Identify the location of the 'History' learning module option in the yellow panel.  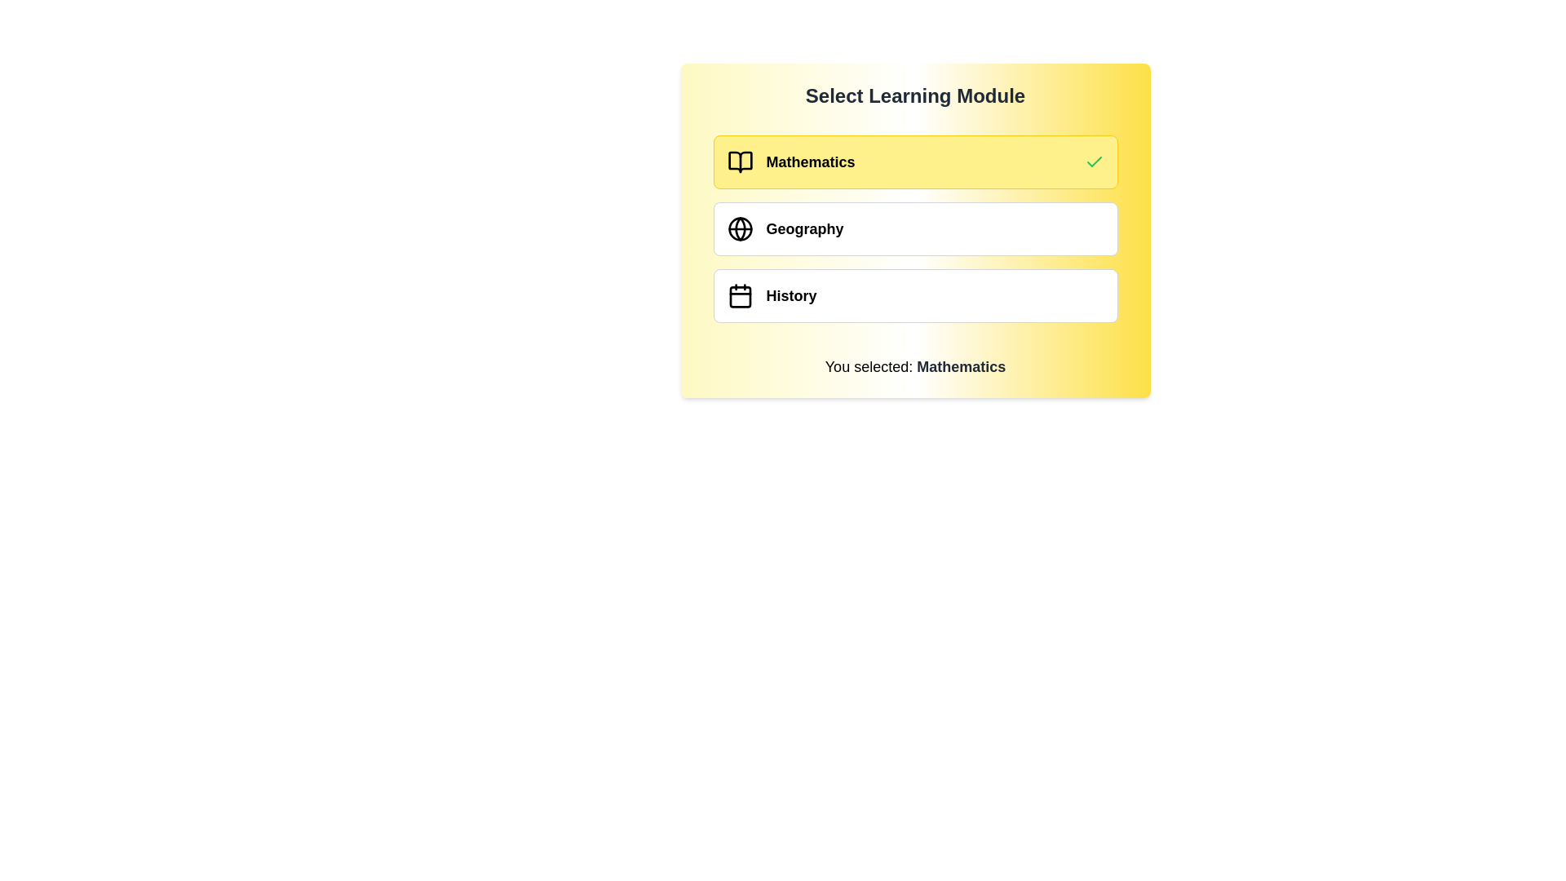
(915, 295).